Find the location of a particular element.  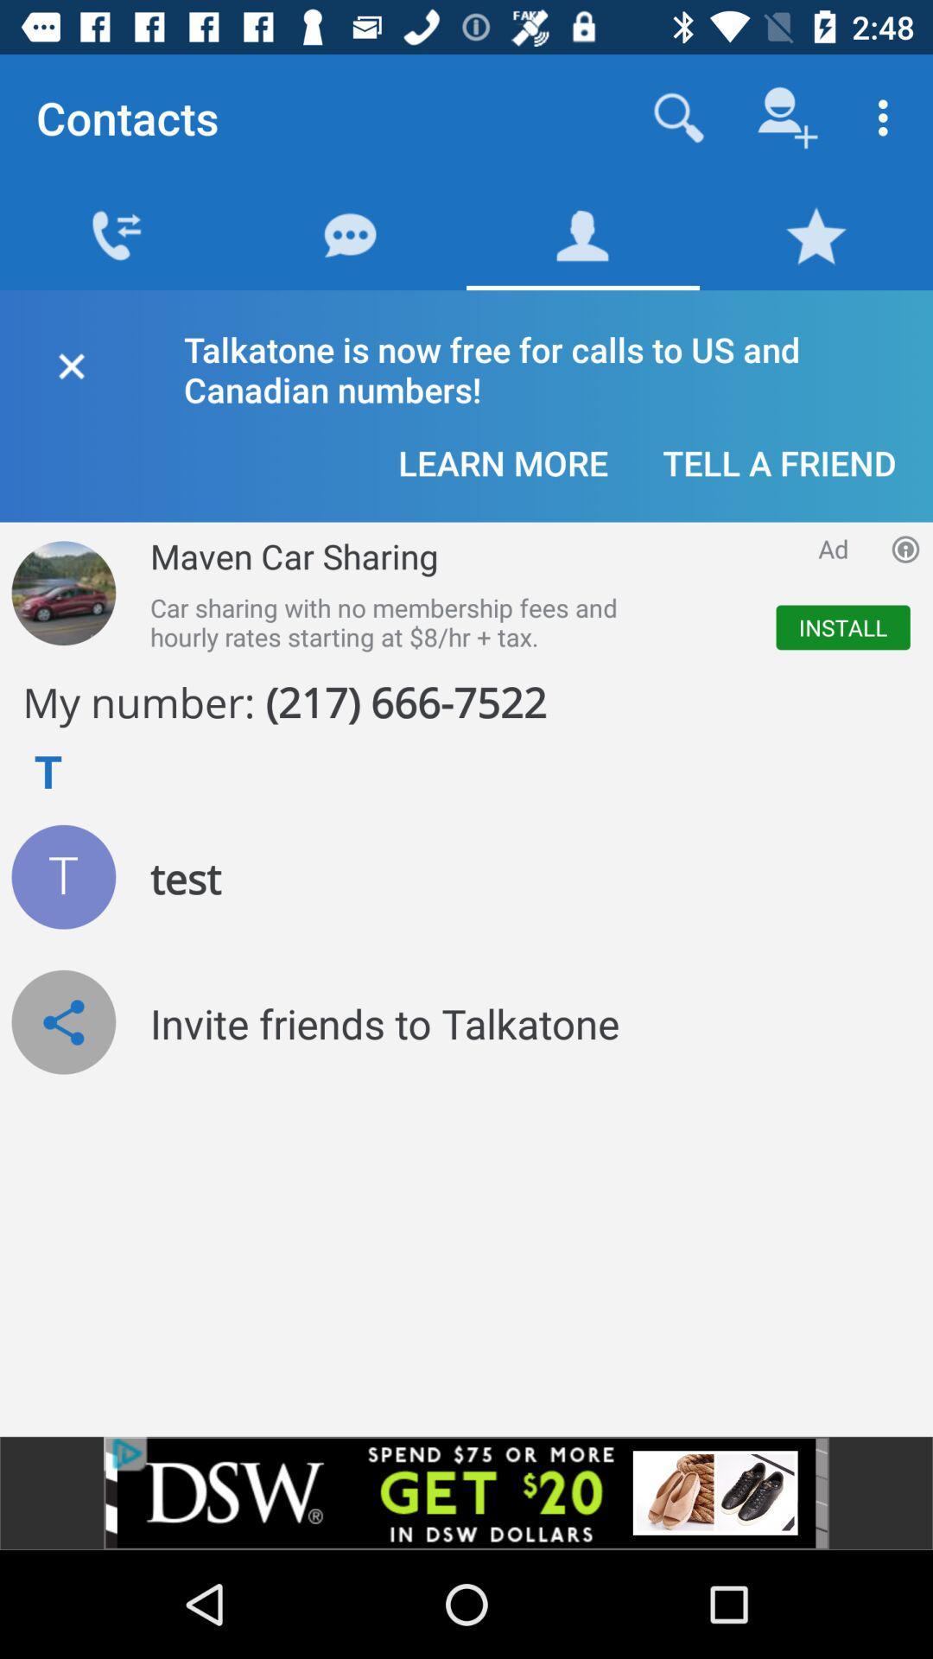

advertisement is located at coordinates (62, 593).